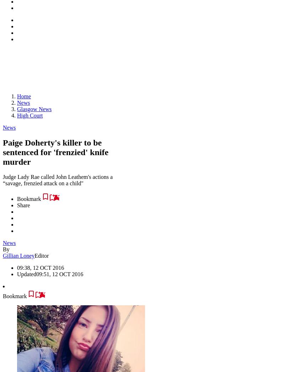 This screenshot has width=305, height=372. What do you see at coordinates (2, 152) in the screenshot?
I see `'Paige Doherty's killer to be sentenced for 'frenzied' knife murder'` at bounding box center [2, 152].